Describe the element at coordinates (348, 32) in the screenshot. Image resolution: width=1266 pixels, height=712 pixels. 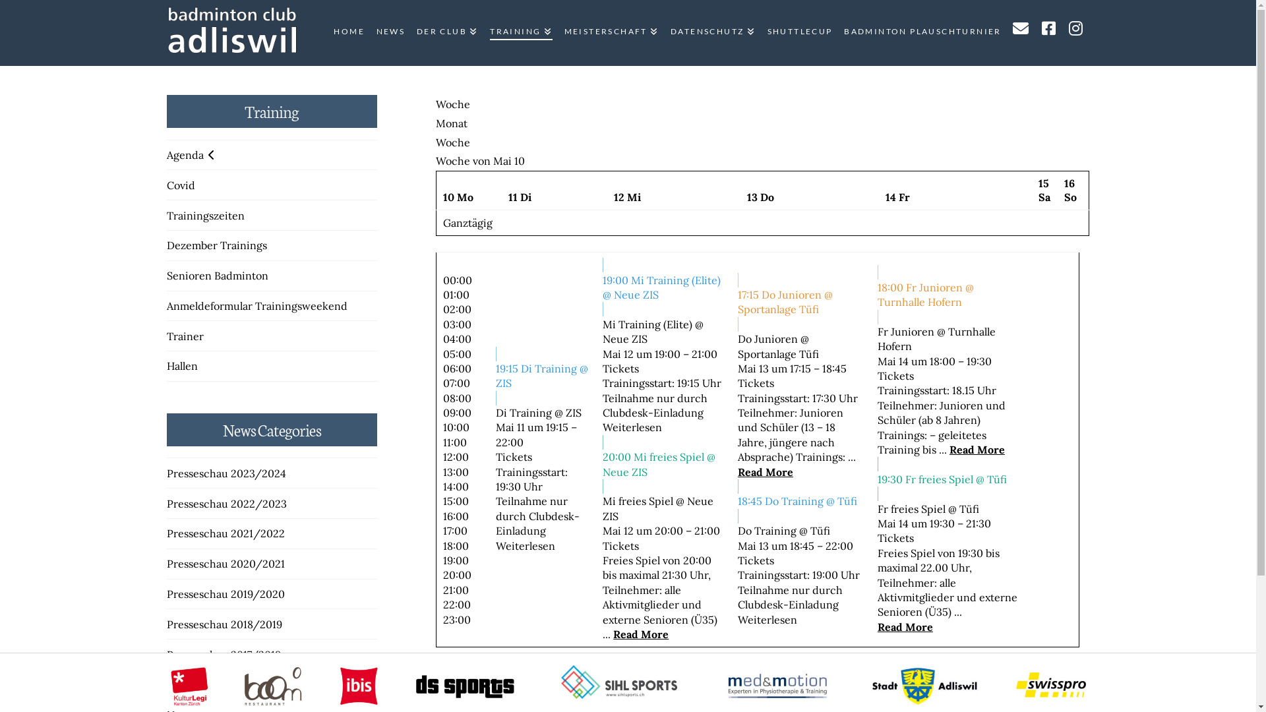
I see `'HOME'` at that location.